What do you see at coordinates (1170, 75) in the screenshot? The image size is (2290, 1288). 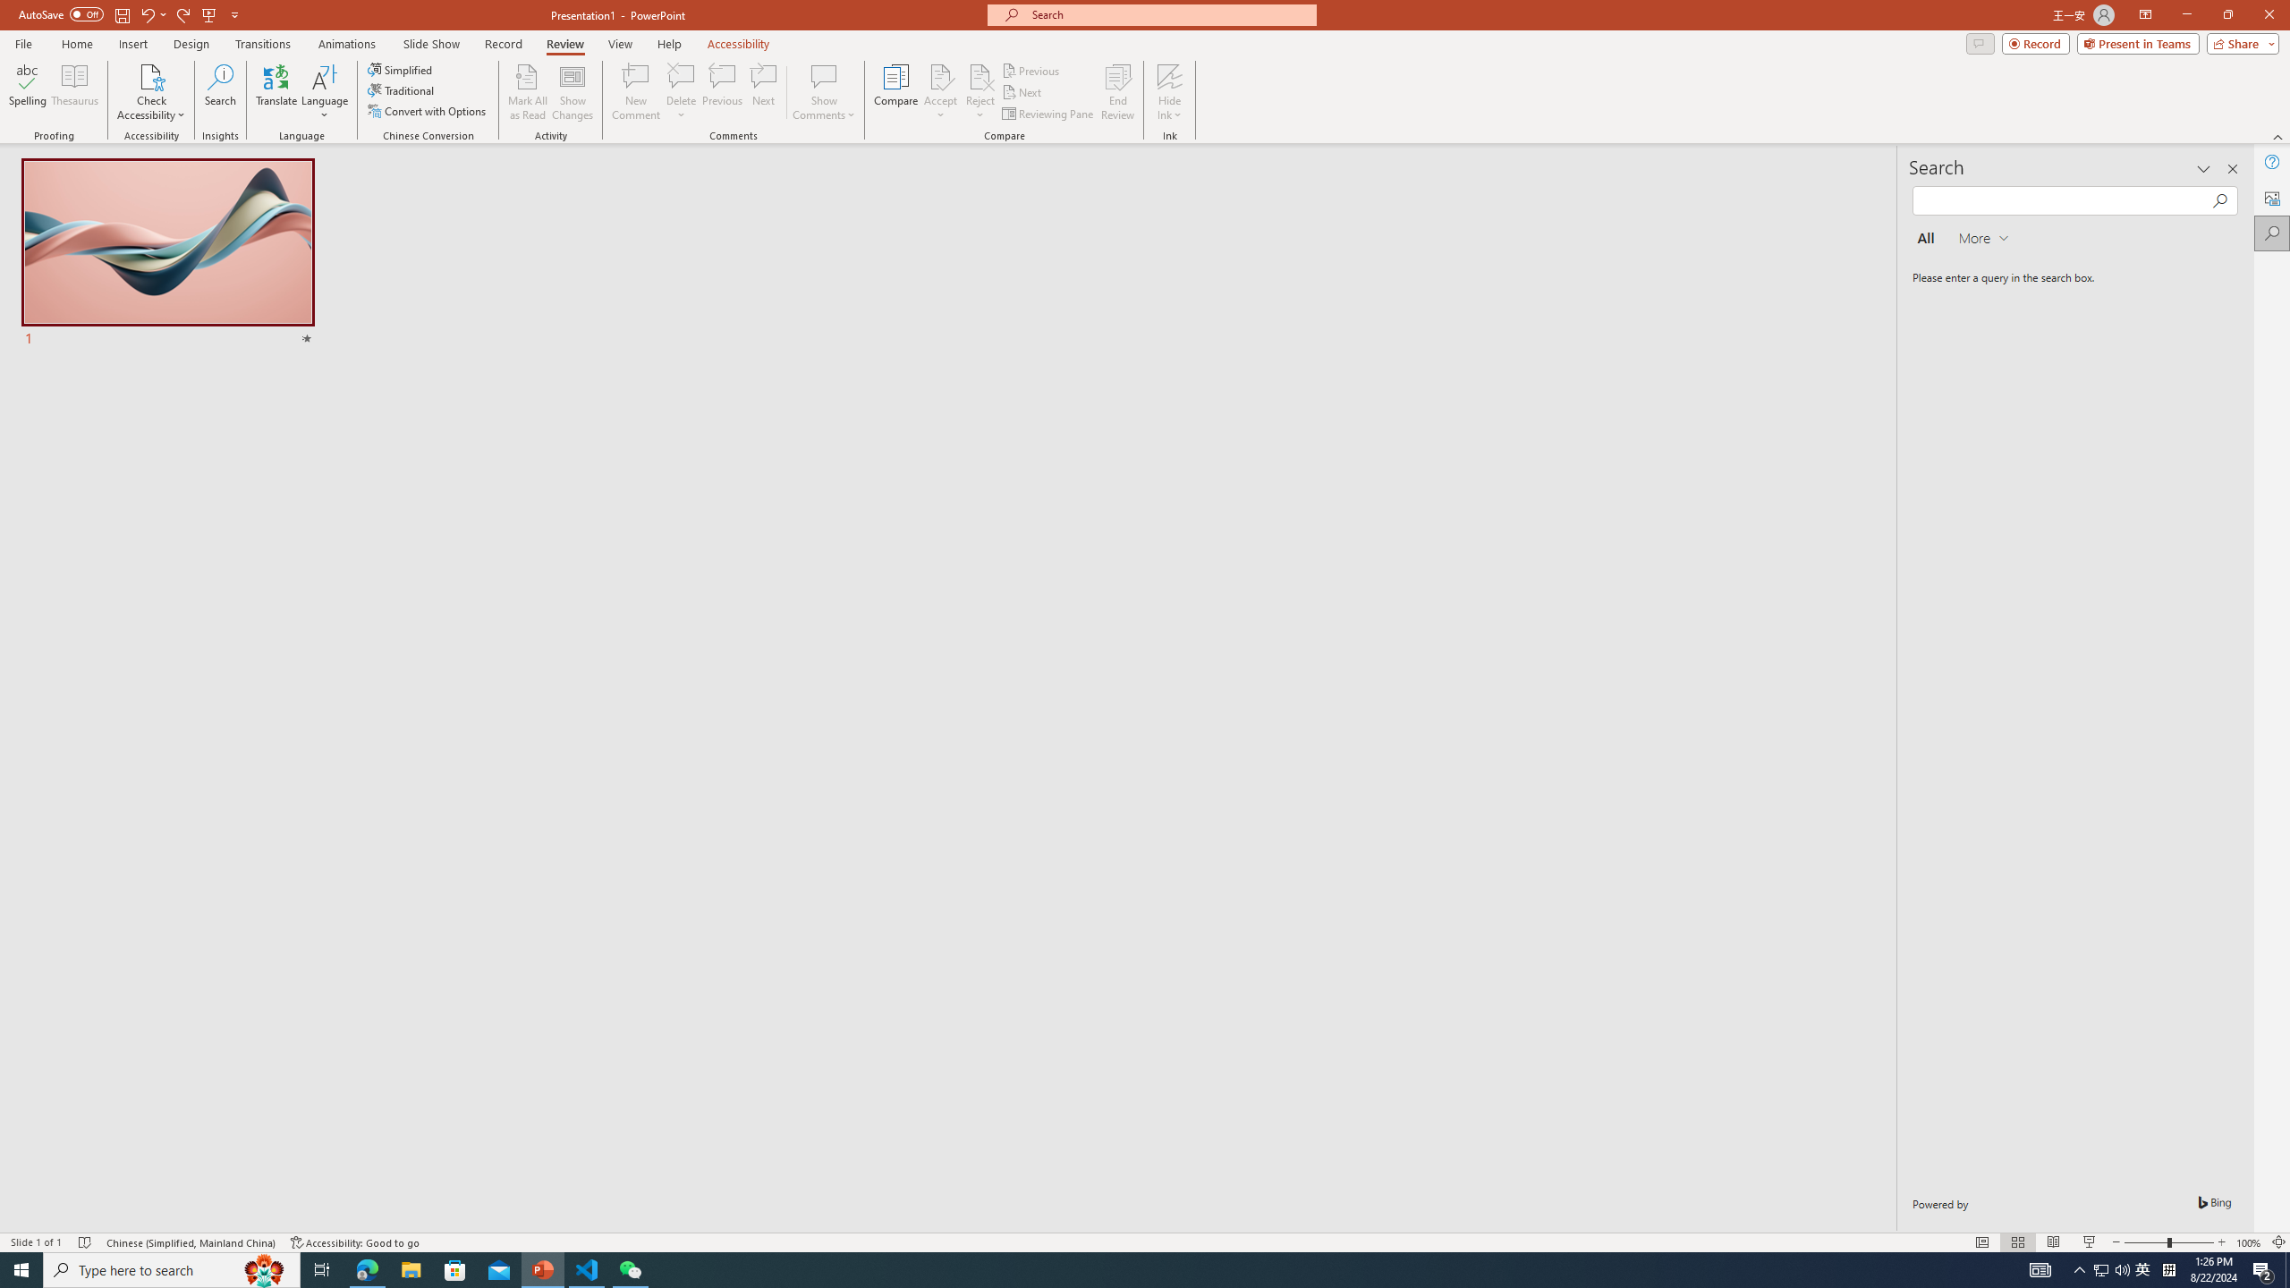 I see `'Hide Ink'` at bounding box center [1170, 75].